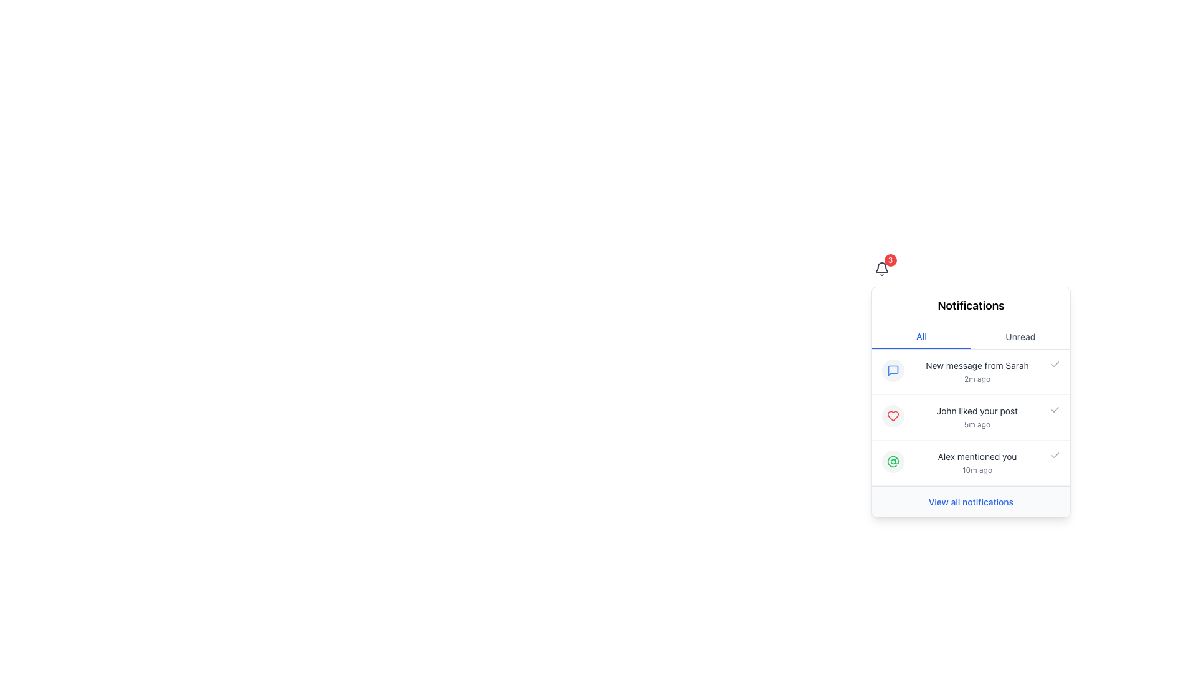  What do you see at coordinates (977, 411) in the screenshot?
I see `the text label that reads 'John liked your post' in the notification list panel` at bounding box center [977, 411].